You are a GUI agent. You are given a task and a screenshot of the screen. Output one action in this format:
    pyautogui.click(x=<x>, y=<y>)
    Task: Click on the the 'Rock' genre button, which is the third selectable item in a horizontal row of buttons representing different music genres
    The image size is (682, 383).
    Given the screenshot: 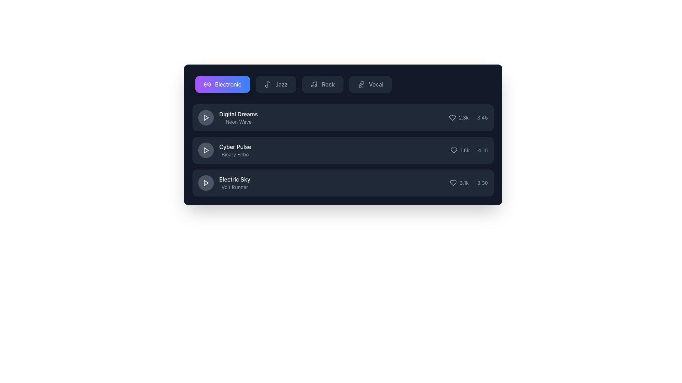 What is the action you would take?
    pyautogui.click(x=322, y=84)
    